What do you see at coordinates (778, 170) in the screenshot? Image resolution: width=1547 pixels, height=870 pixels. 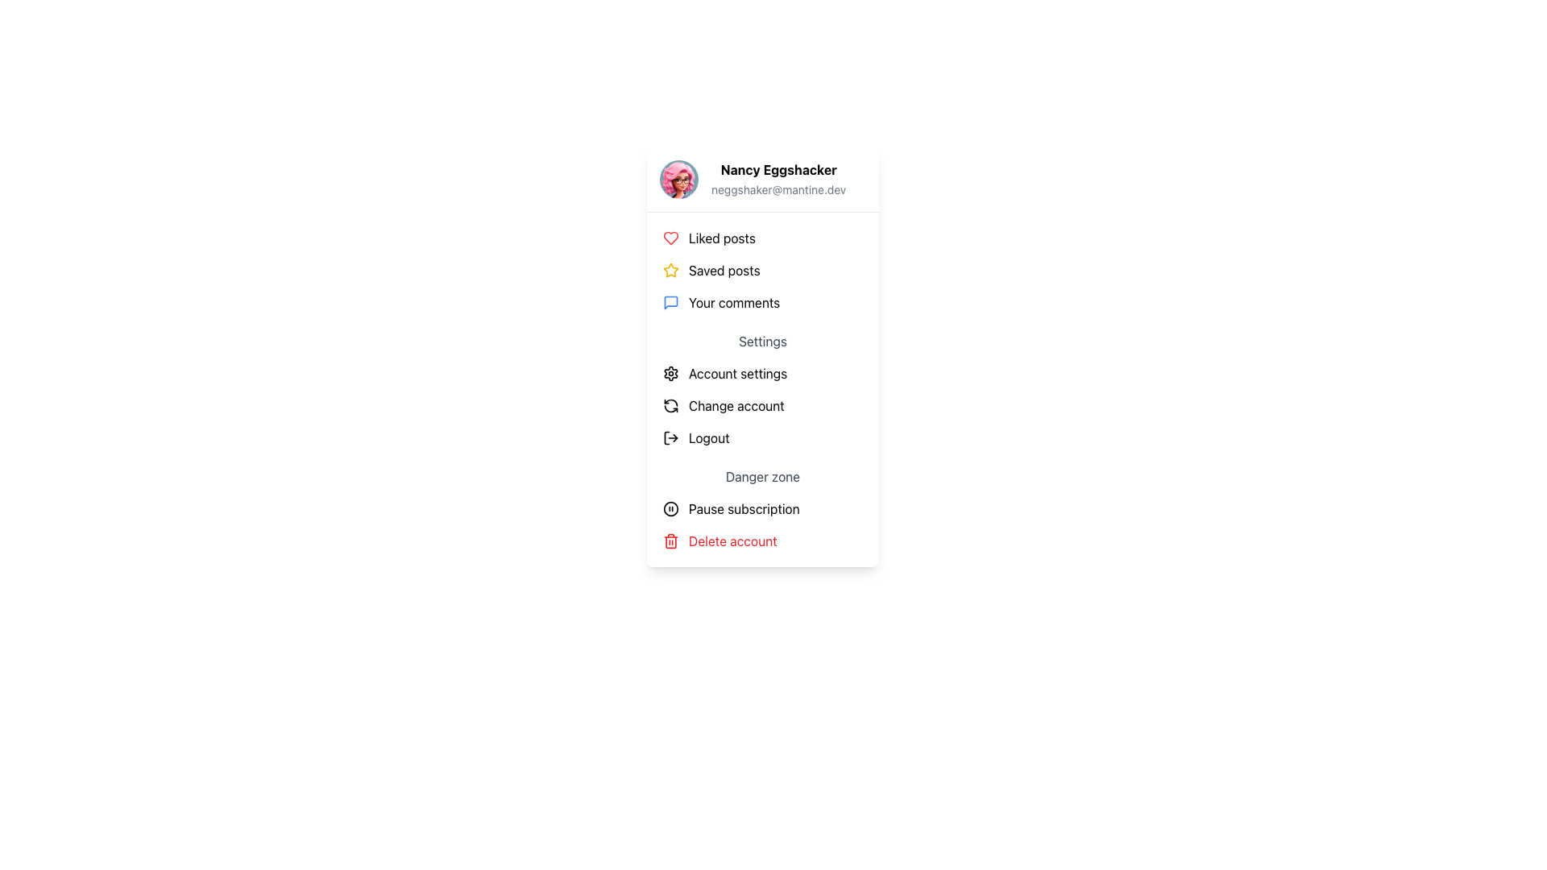 I see `the text display element that shows the user's name on the profile card, located at the top right of the profile image` at bounding box center [778, 170].